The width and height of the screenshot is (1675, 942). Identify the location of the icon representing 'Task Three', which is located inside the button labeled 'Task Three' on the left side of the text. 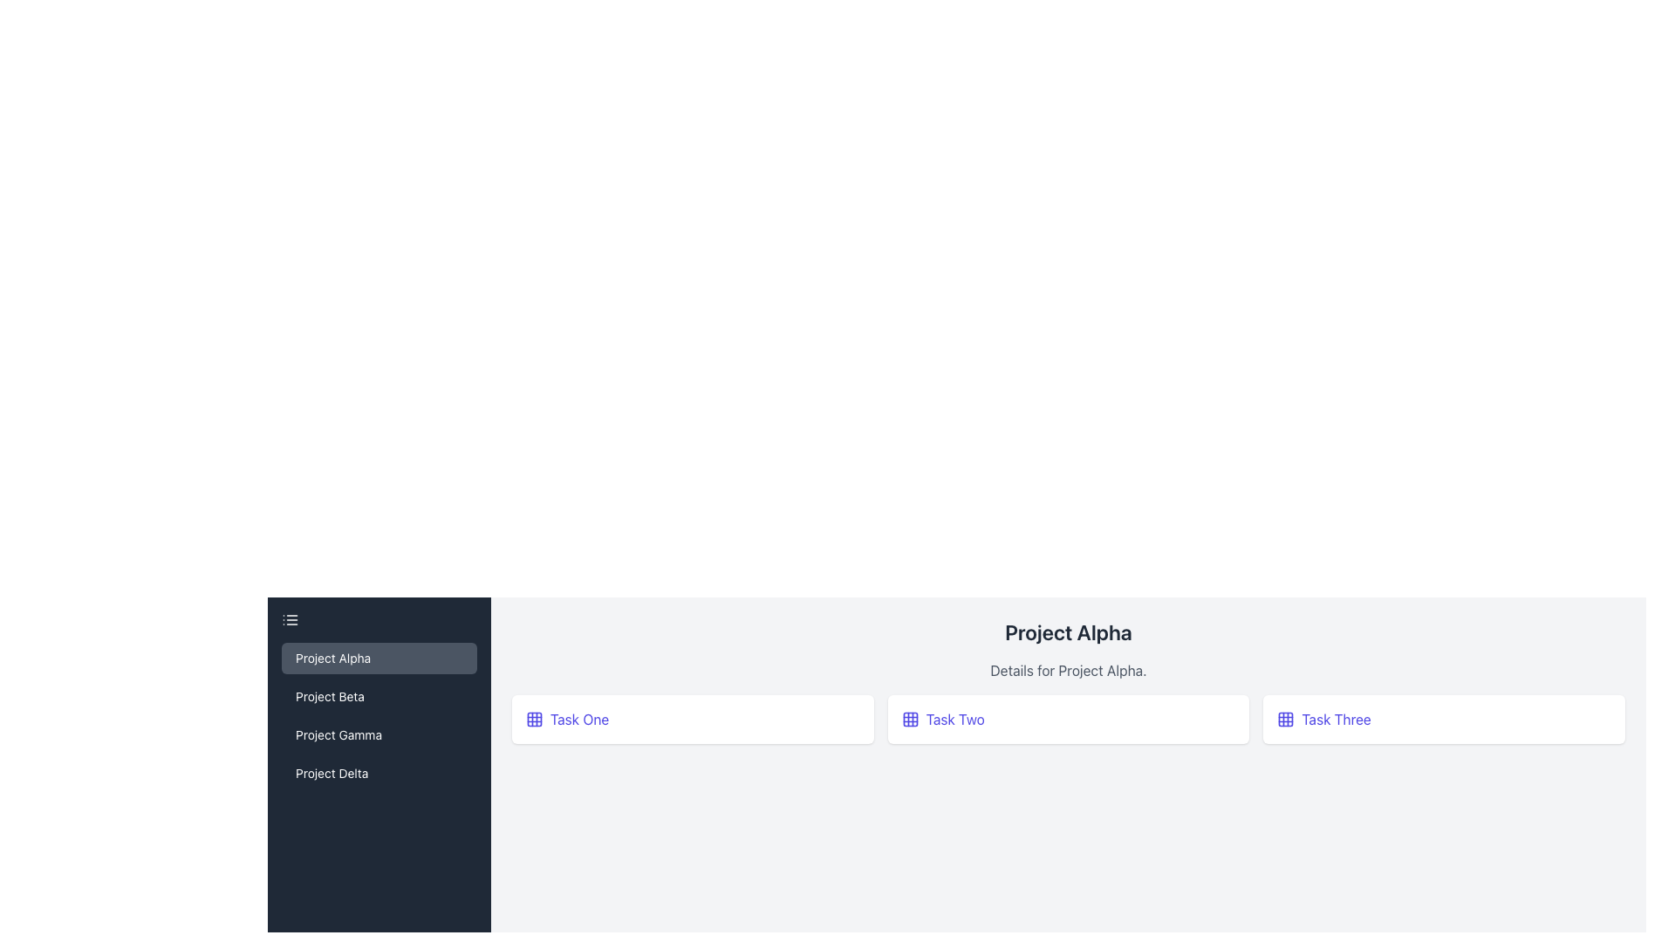
(1285, 720).